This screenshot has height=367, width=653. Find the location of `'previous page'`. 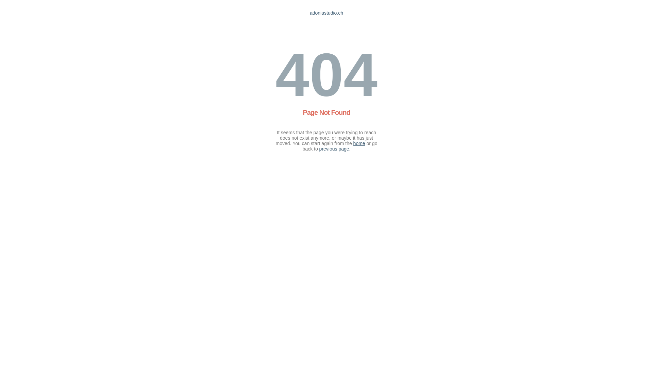

'previous page' is located at coordinates (334, 148).